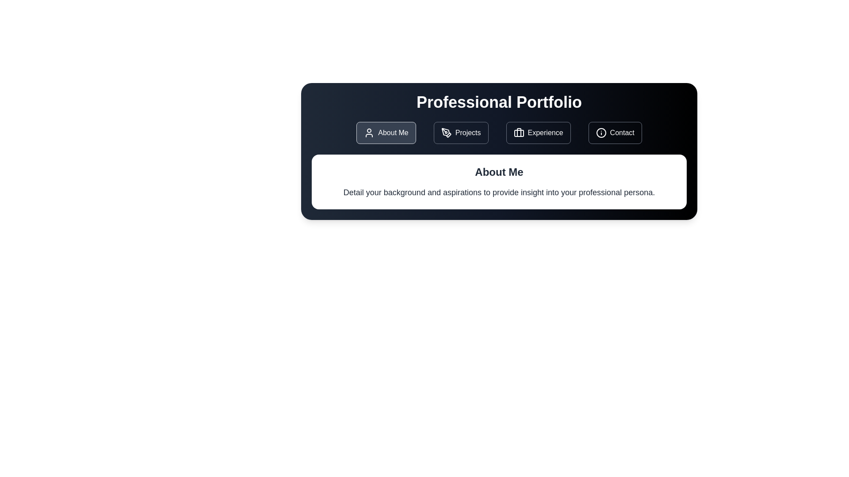  I want to click on the 'Experience' button in the navigation bar, so click(538, 132).